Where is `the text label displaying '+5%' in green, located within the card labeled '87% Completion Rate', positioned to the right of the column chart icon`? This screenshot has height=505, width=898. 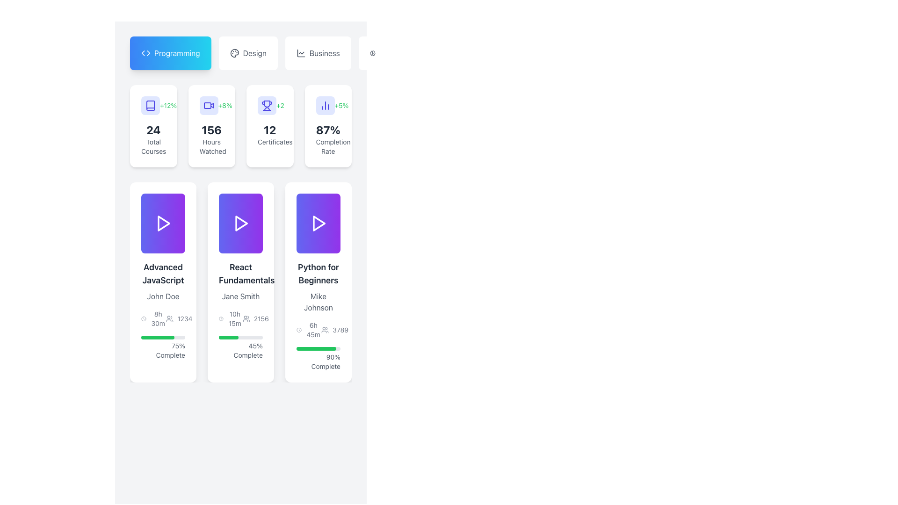 the text label displaying '+5%' in green, located within the card labeled '87% Completion Rate', positioned to the right of the column chart icon is located at coordinates (328, 105).